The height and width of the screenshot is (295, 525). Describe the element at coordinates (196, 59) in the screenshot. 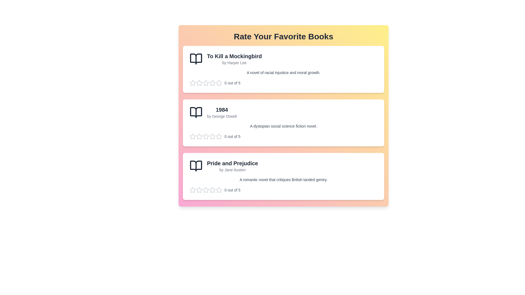

I see `the open book icon, which is styled in a monochrome outline with rounded edges, located in the top-left corner of the card containing 'To Kill a Mockingbird' by Harper Lee` at that location.